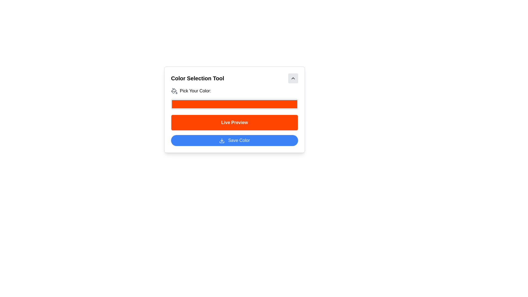  What do you see at coordinates (293, 78) in the screenshot?
I see `the toggle button in the top-right corner of the 'Color Selection Tool' panel` at bounding box center [293, 78].